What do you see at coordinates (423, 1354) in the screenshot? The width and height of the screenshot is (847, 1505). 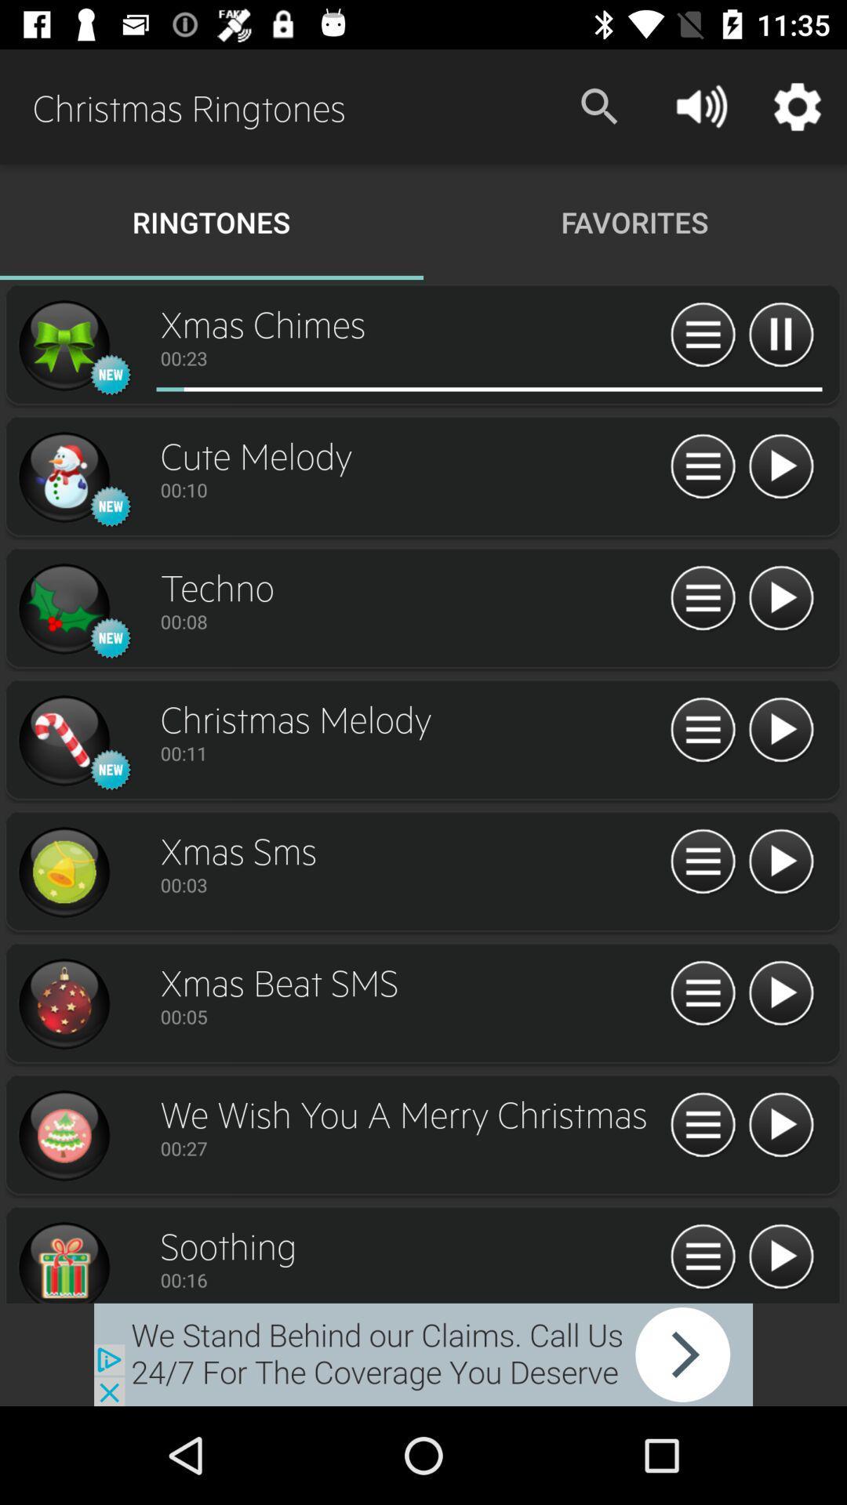 I see `back farce` at bounding box center [423, 1354].